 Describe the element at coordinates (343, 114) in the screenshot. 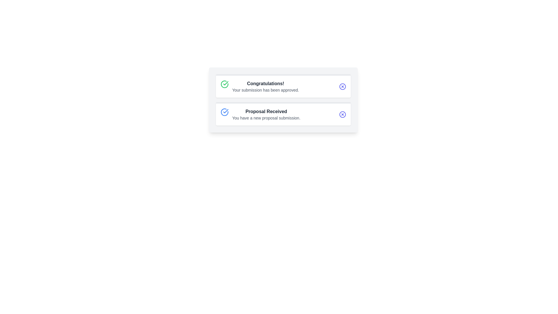

I see `the circular boundary of the 'Circle X' icon, which is located to the right of the 'Proposal Received' text` at that location.